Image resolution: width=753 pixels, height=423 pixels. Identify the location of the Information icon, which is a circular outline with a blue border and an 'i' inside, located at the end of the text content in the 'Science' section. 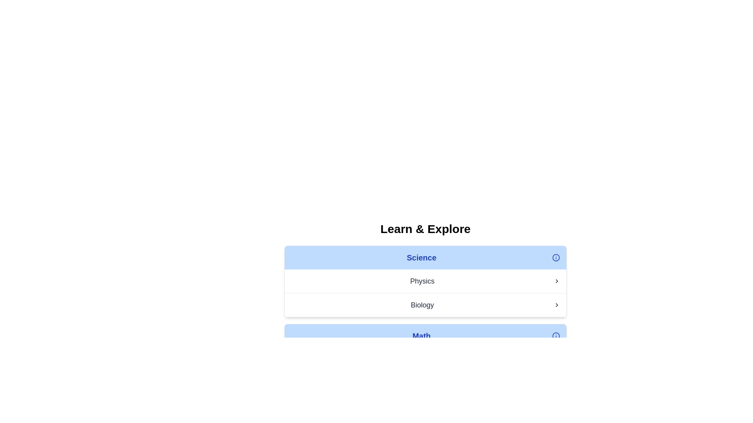
(555, 258).